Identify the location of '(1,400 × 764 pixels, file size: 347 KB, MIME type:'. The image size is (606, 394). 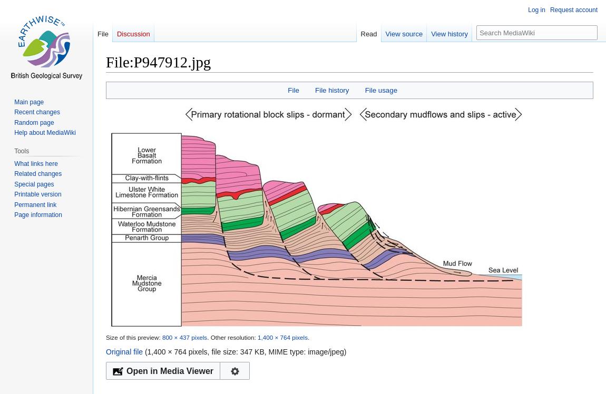
(226, 351).